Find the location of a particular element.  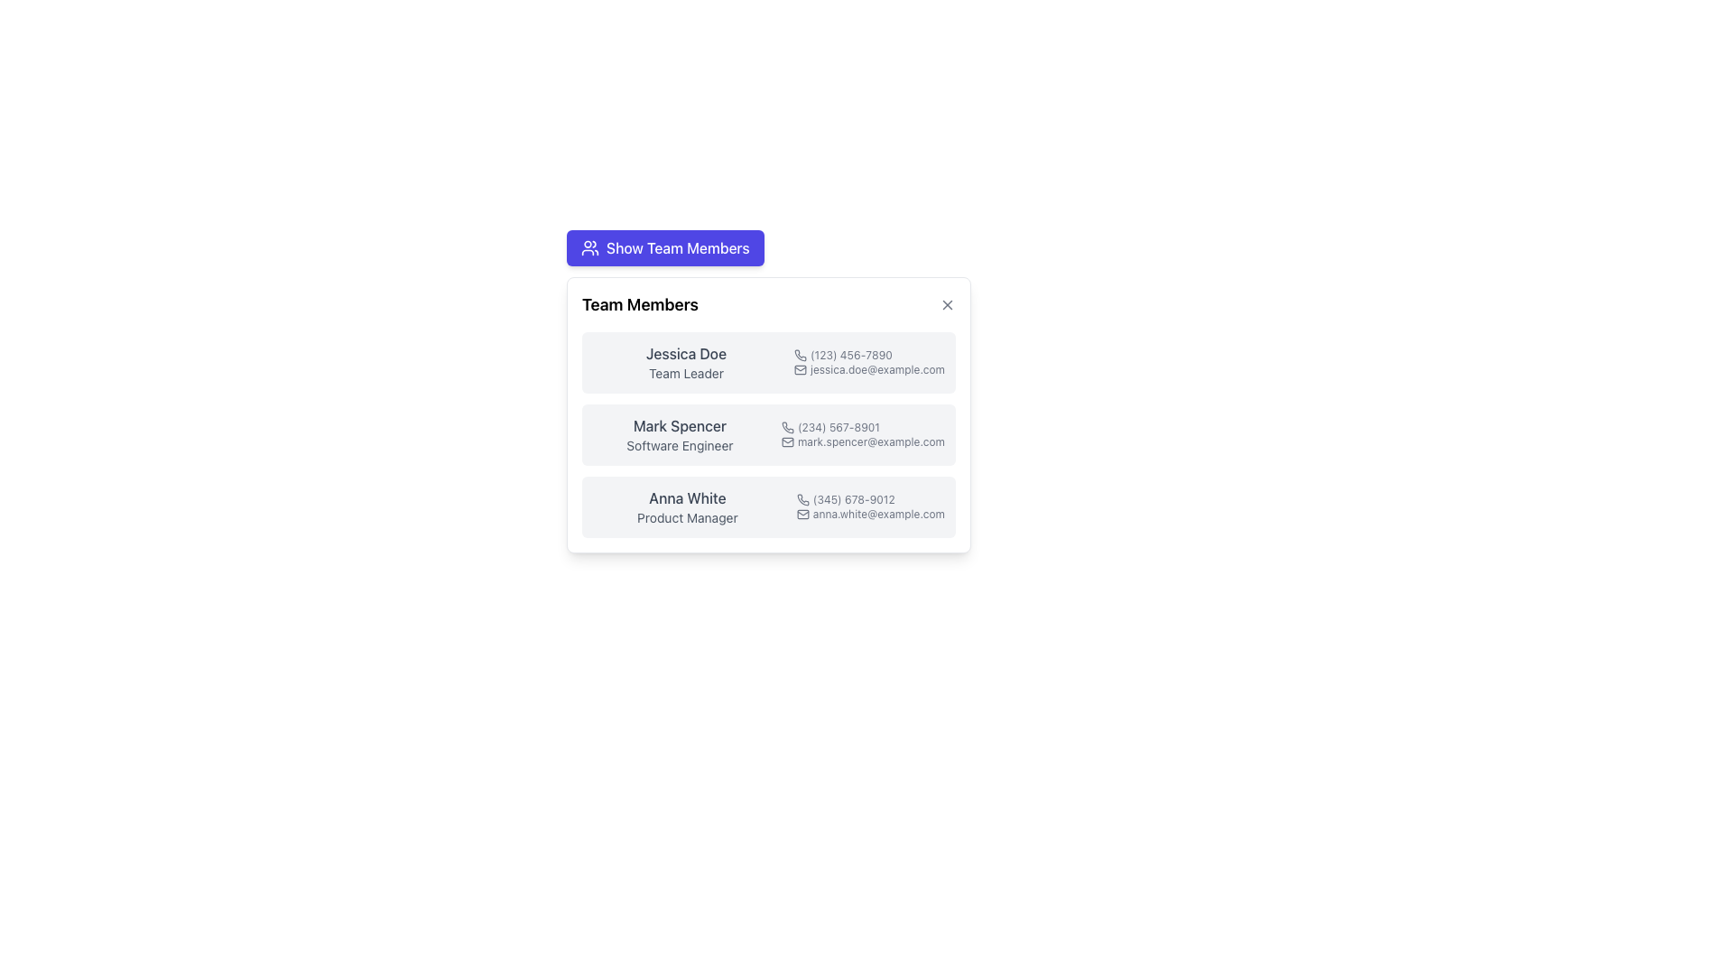

the email icon located near the text 'jessica.doe@example.com' in the 'Jessica Doe' section of the 'Team Members' card is located at coordinates (800, 368).